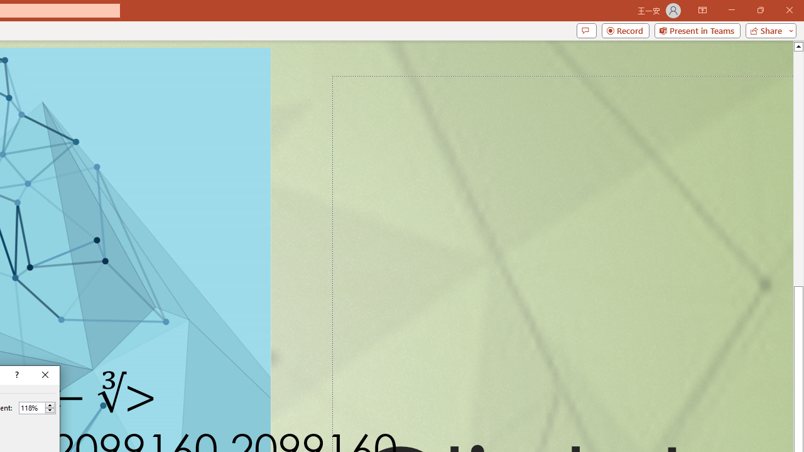 The image size is (804, 452). What do you see at coordinates (16, 374) in the screenshot?
I see `'Context help'` at bounding box center [16, 374].